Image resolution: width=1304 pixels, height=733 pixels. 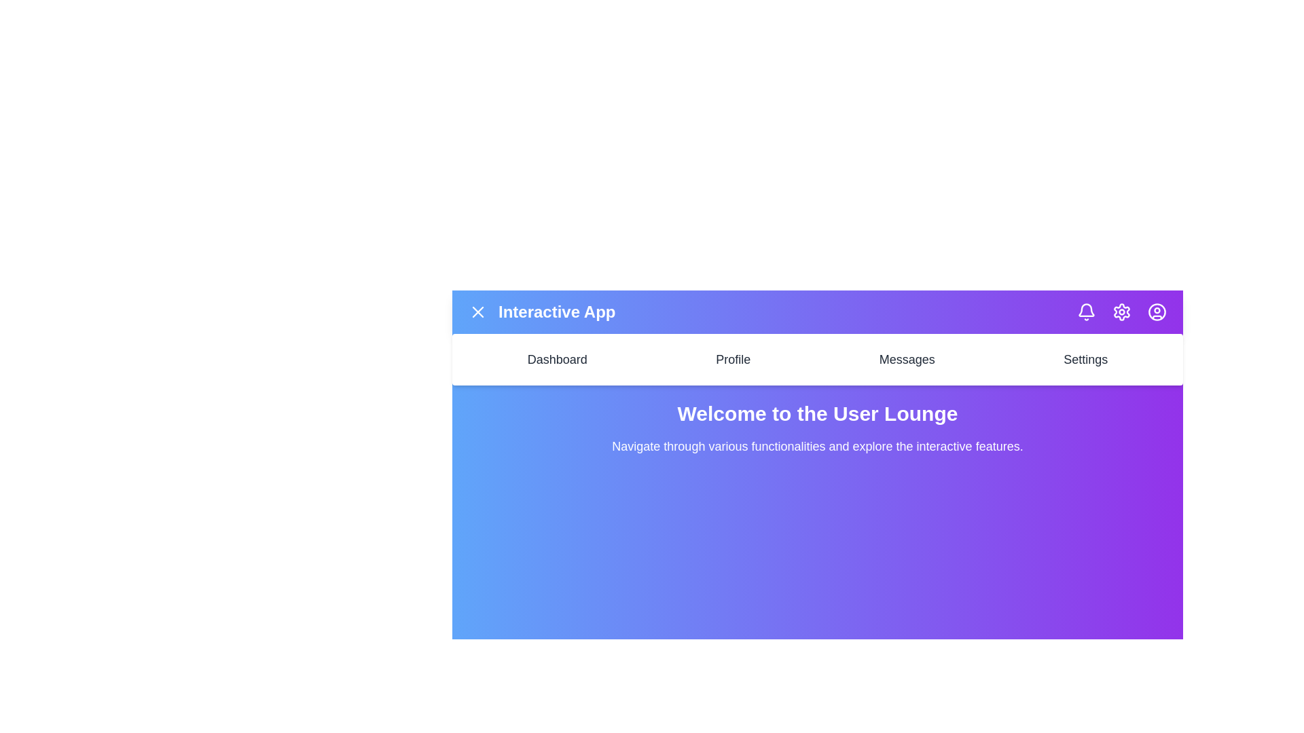 What do you see at coordinates (557, 358) in the screenshot?
I see `the Dashboard navigation menu item` at bounding box center [557, 358].